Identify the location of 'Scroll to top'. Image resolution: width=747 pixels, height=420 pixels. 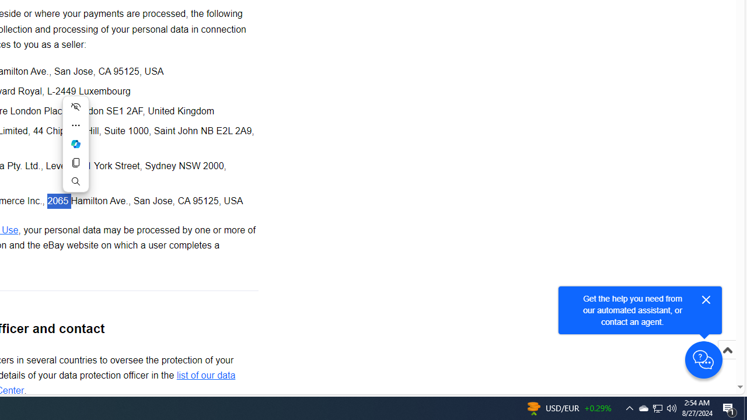
(727, 349).